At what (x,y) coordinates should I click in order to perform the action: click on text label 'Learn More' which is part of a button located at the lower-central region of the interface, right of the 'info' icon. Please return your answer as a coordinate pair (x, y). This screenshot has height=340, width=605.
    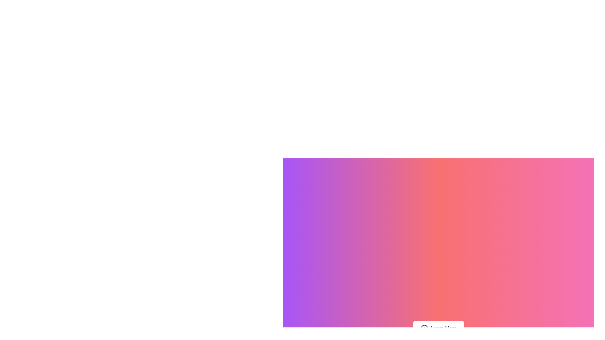
    Looking at the image, I should click on (443, 328).